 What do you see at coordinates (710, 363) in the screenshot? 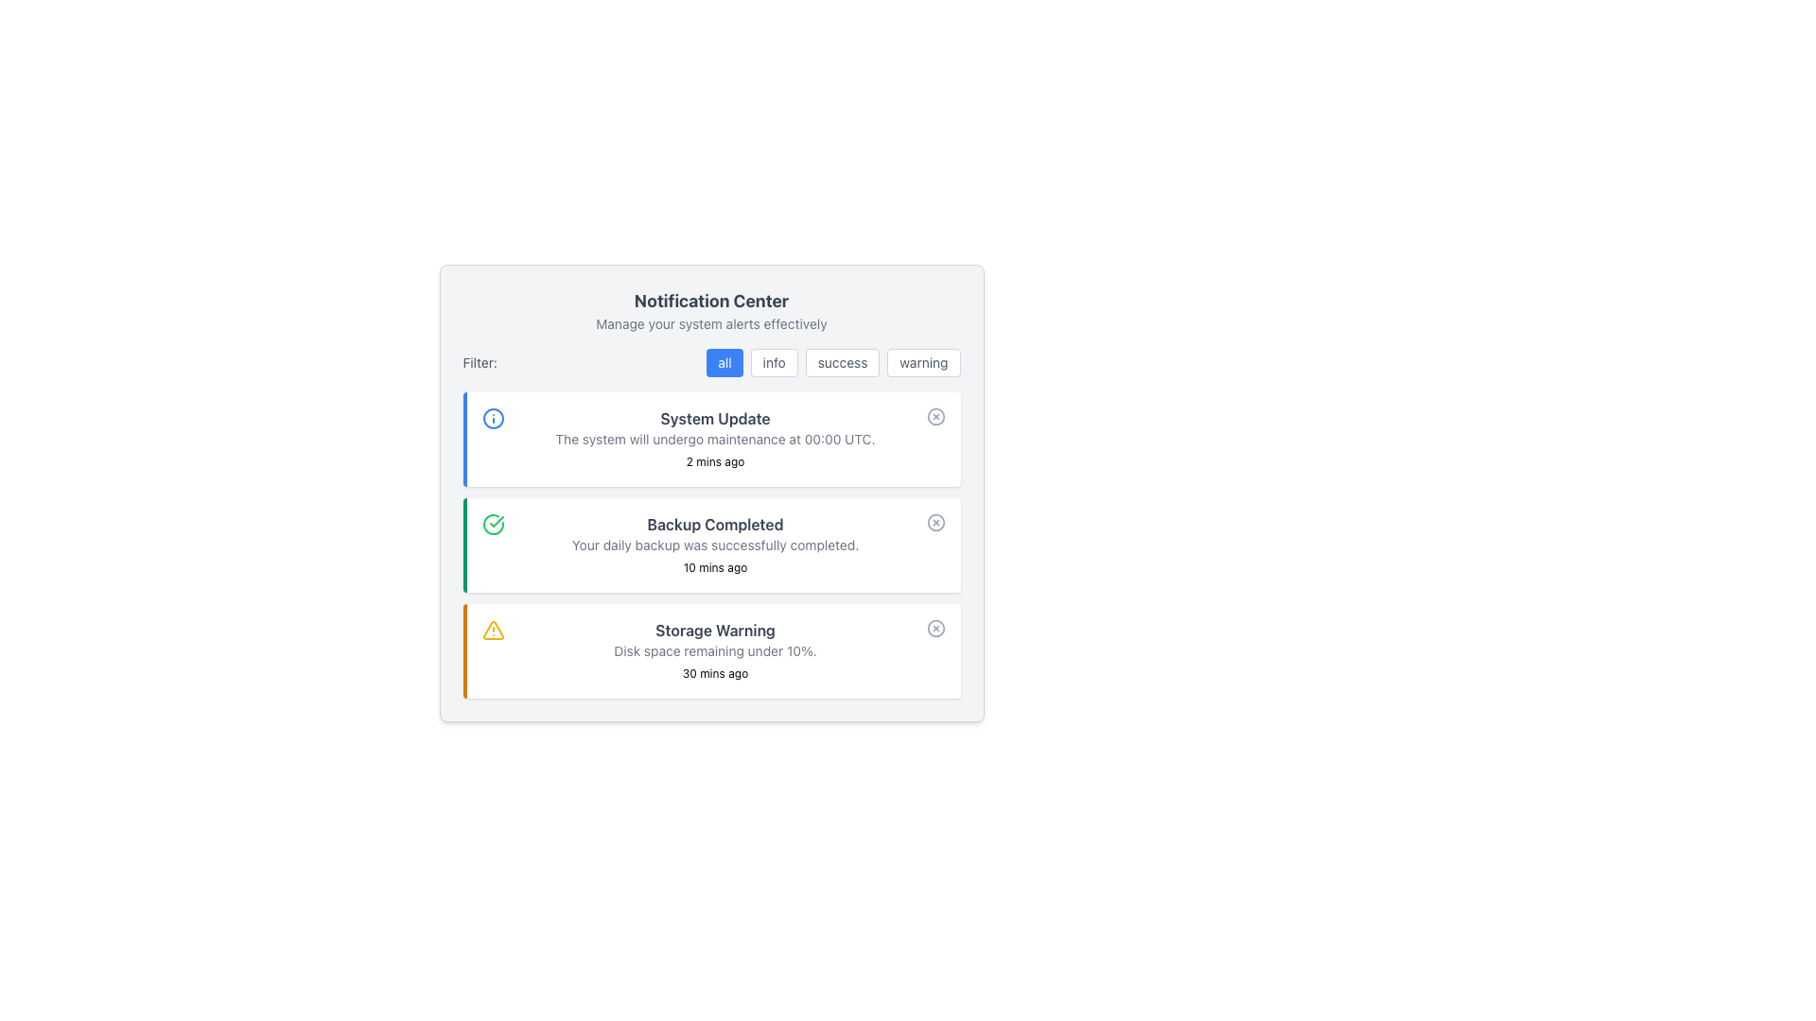
I see `the 'all' button in the notification filter button group located beneath 'Notification Center'` at bounding box center [710, 363].